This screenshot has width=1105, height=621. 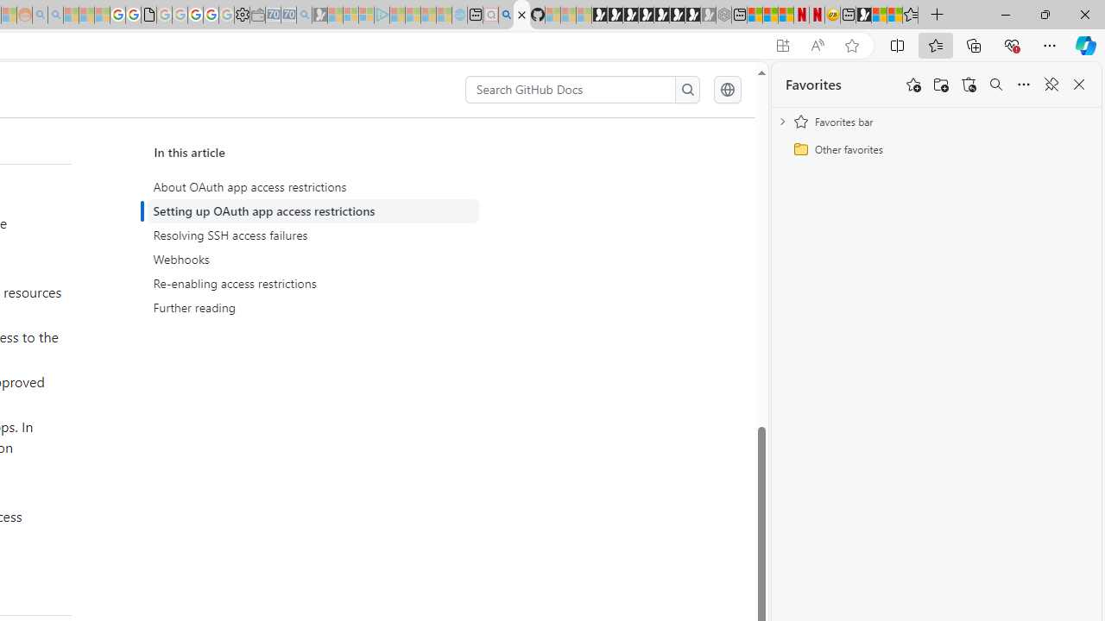 I want to click on 'Webhooks', so click(x=313, y=260).